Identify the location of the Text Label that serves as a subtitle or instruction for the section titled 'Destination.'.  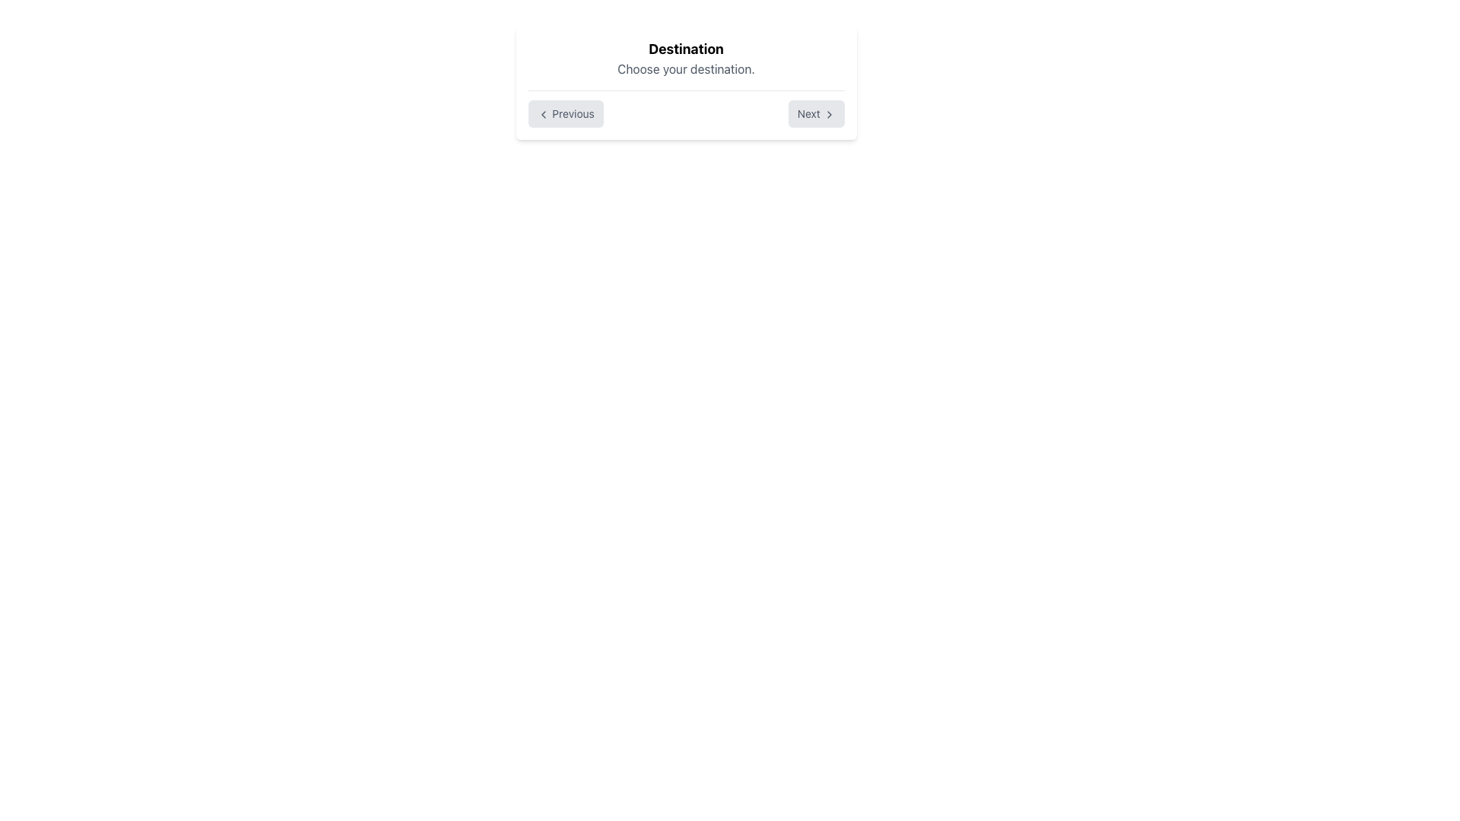
(685, 69).